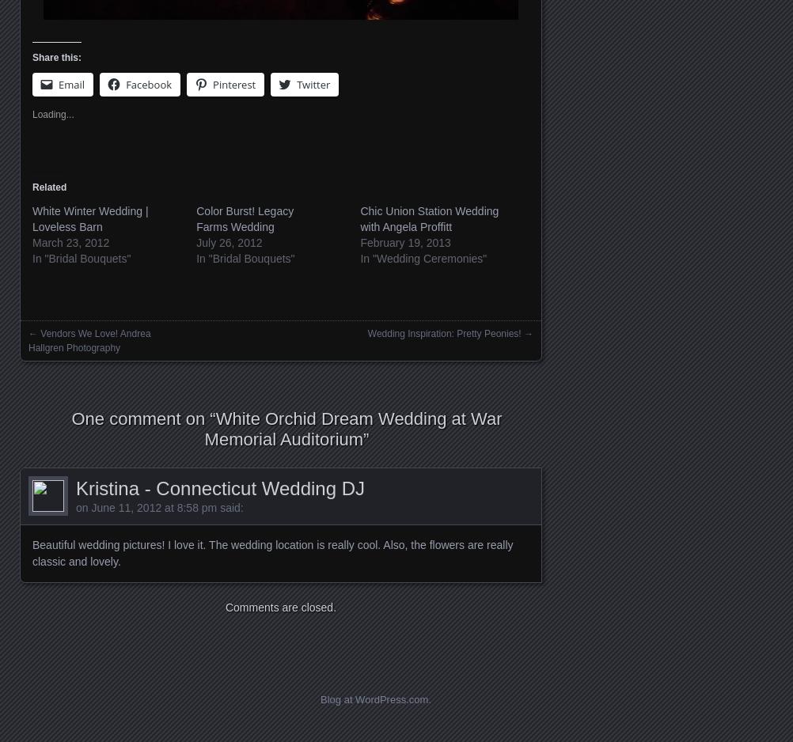 This screenshot has height=742, width=793. What do you see at coordinates (70, 84) in the screenshot?
I see `'Email'` at bounding box center [70, 84].